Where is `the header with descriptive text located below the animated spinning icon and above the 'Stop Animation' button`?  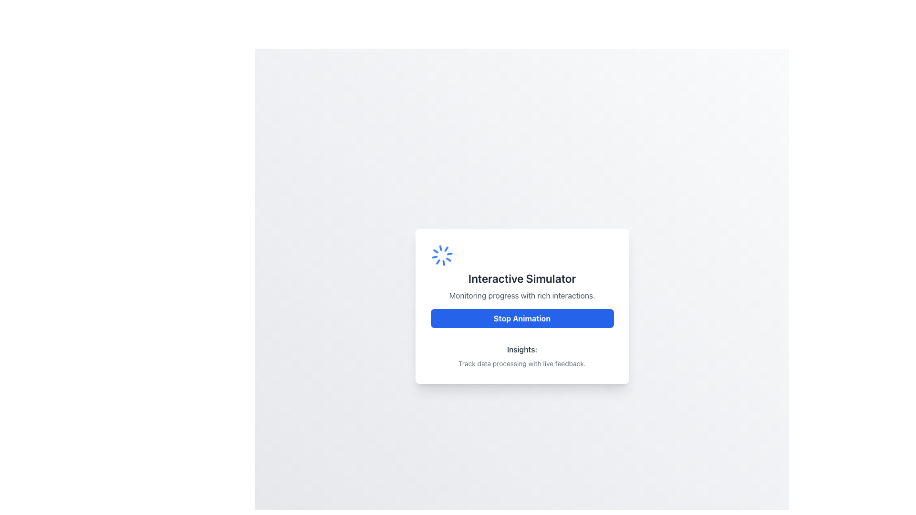
the header with descriptive text located below the animated spinning icon and above the 'Stop Animation' button is located at coordinates (521, 272).